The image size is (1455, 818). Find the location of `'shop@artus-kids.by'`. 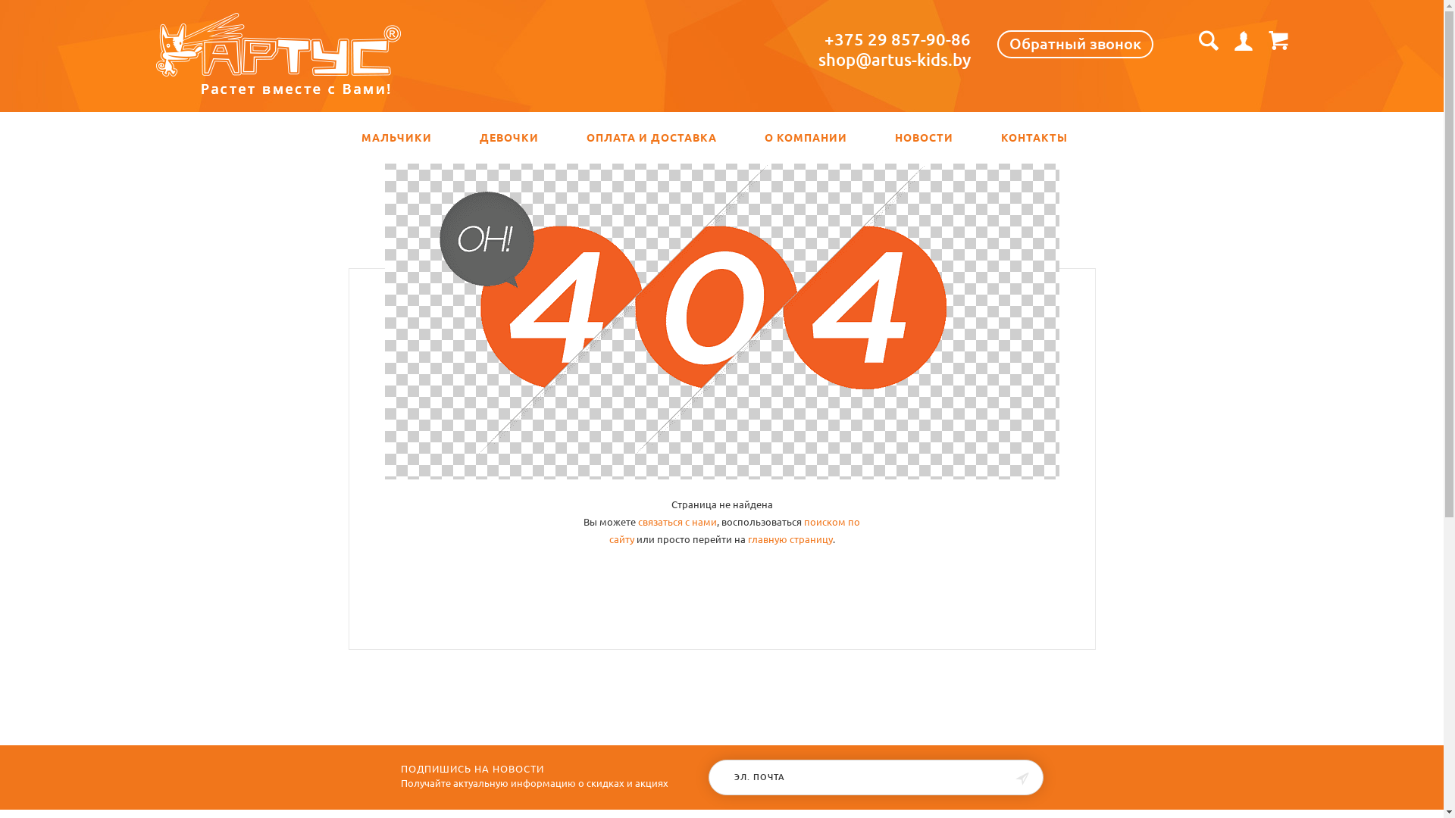

'shop@artus-kids.by' is located at coordinates (894, 58).